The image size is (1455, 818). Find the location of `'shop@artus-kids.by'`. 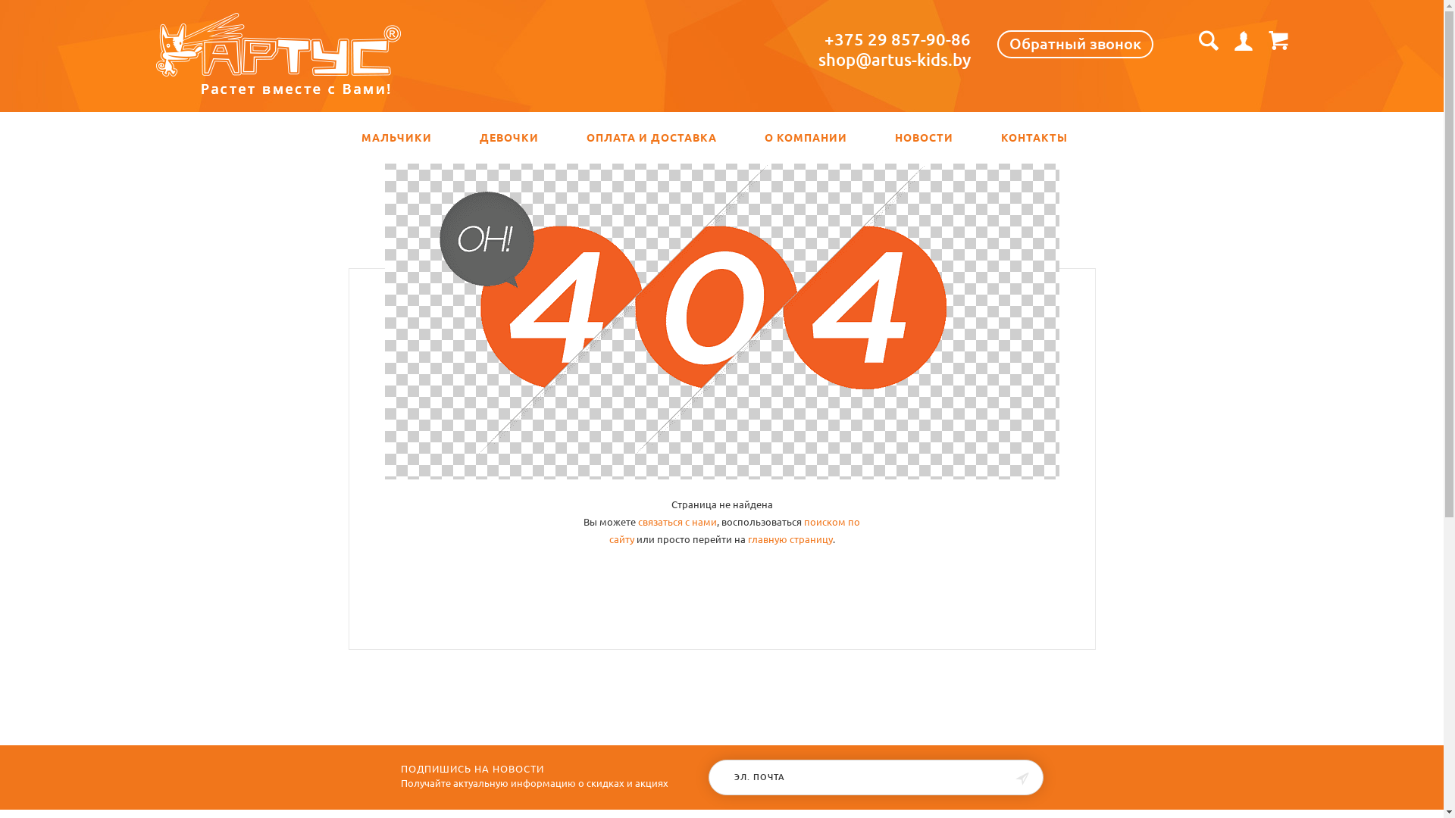

'shop@artus-kids.by' is located at coordinates (894, 58).